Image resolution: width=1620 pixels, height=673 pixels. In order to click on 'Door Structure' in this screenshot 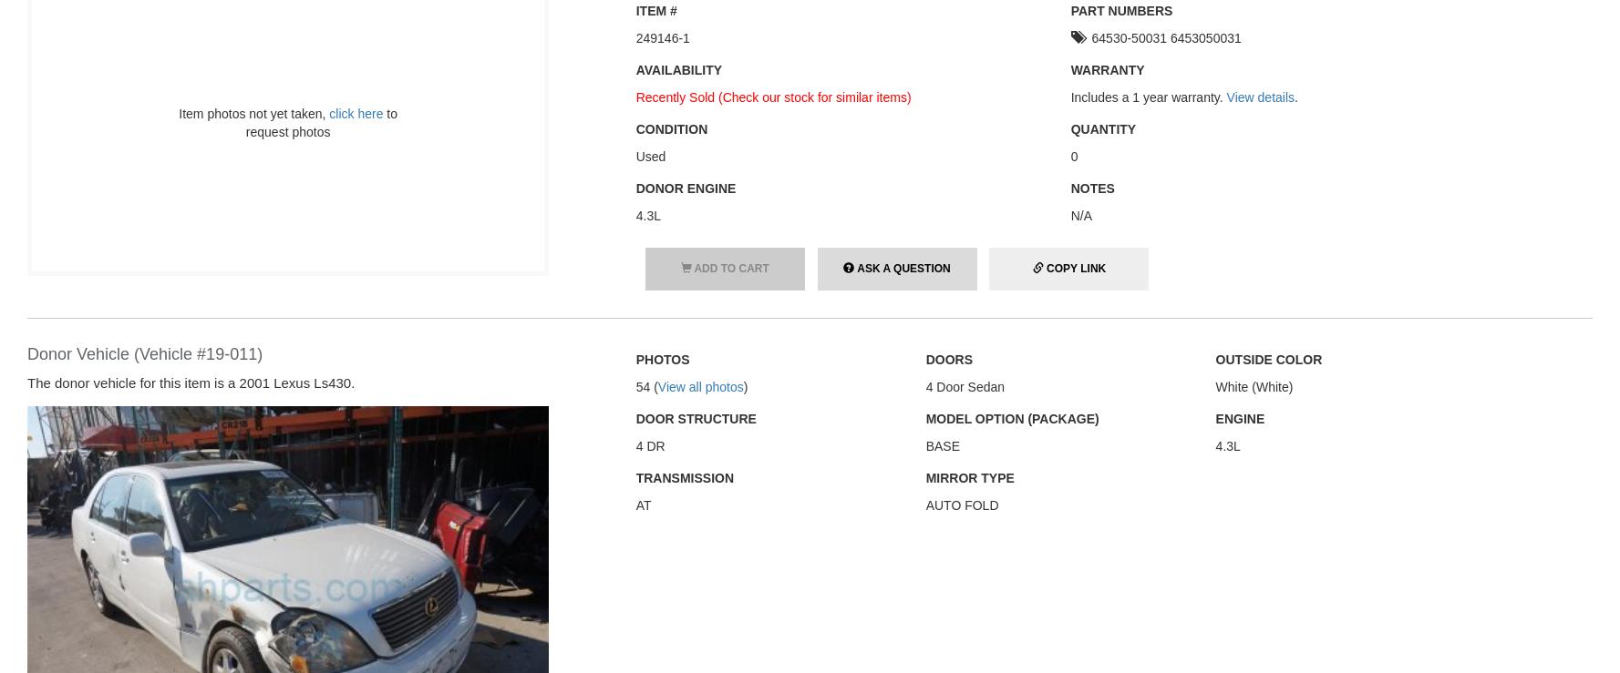, I will do `click(696, 417)`.